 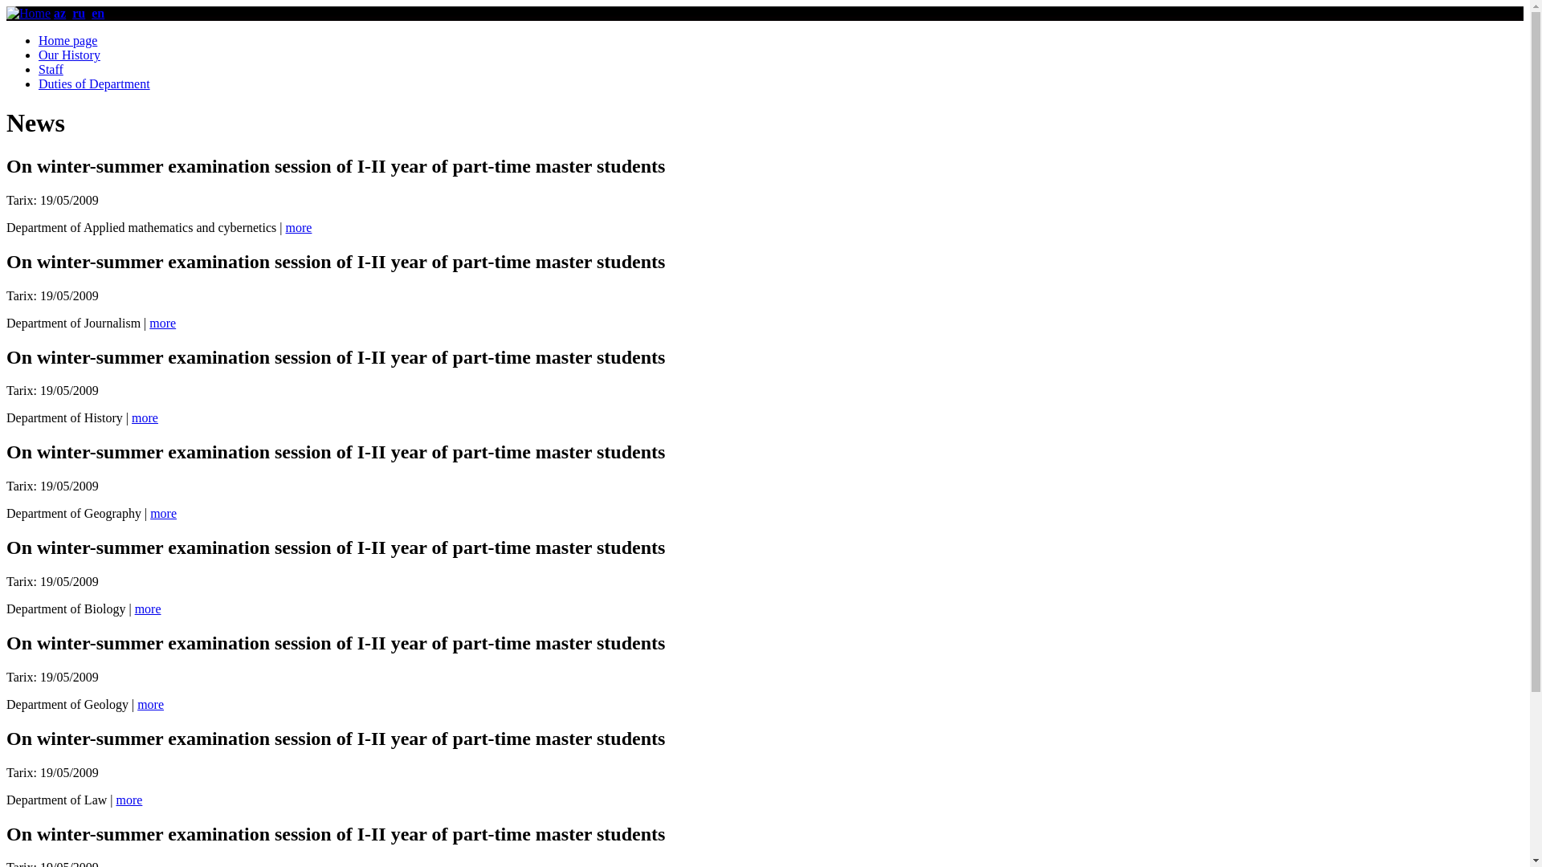 I want to click on 'Duties of Department', so click(x=93, y=83).